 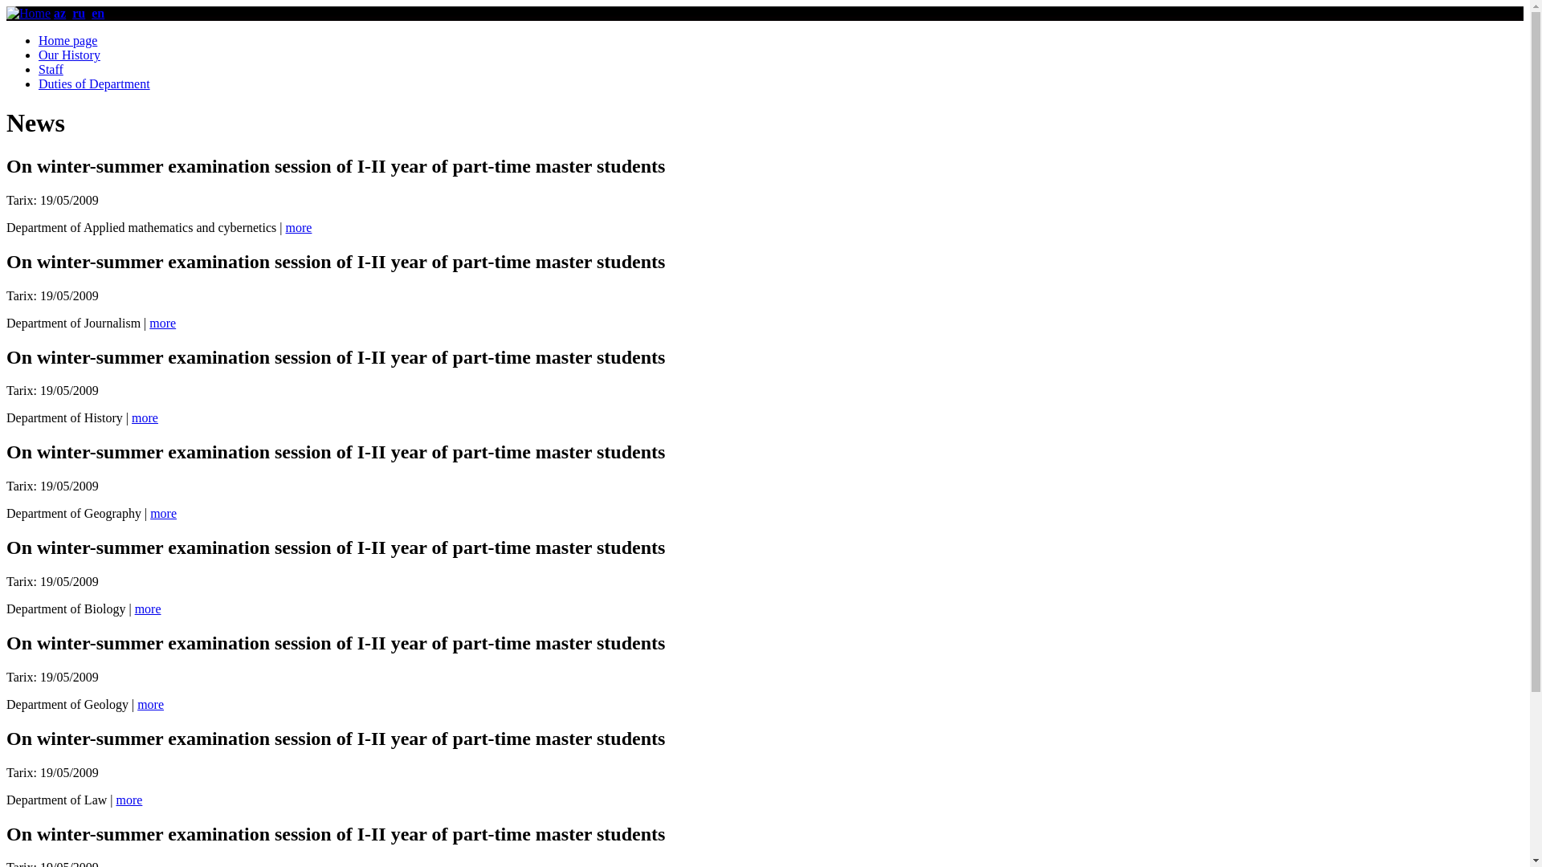 I want to click on 'Duties of Department', so click(x=93, y=83).